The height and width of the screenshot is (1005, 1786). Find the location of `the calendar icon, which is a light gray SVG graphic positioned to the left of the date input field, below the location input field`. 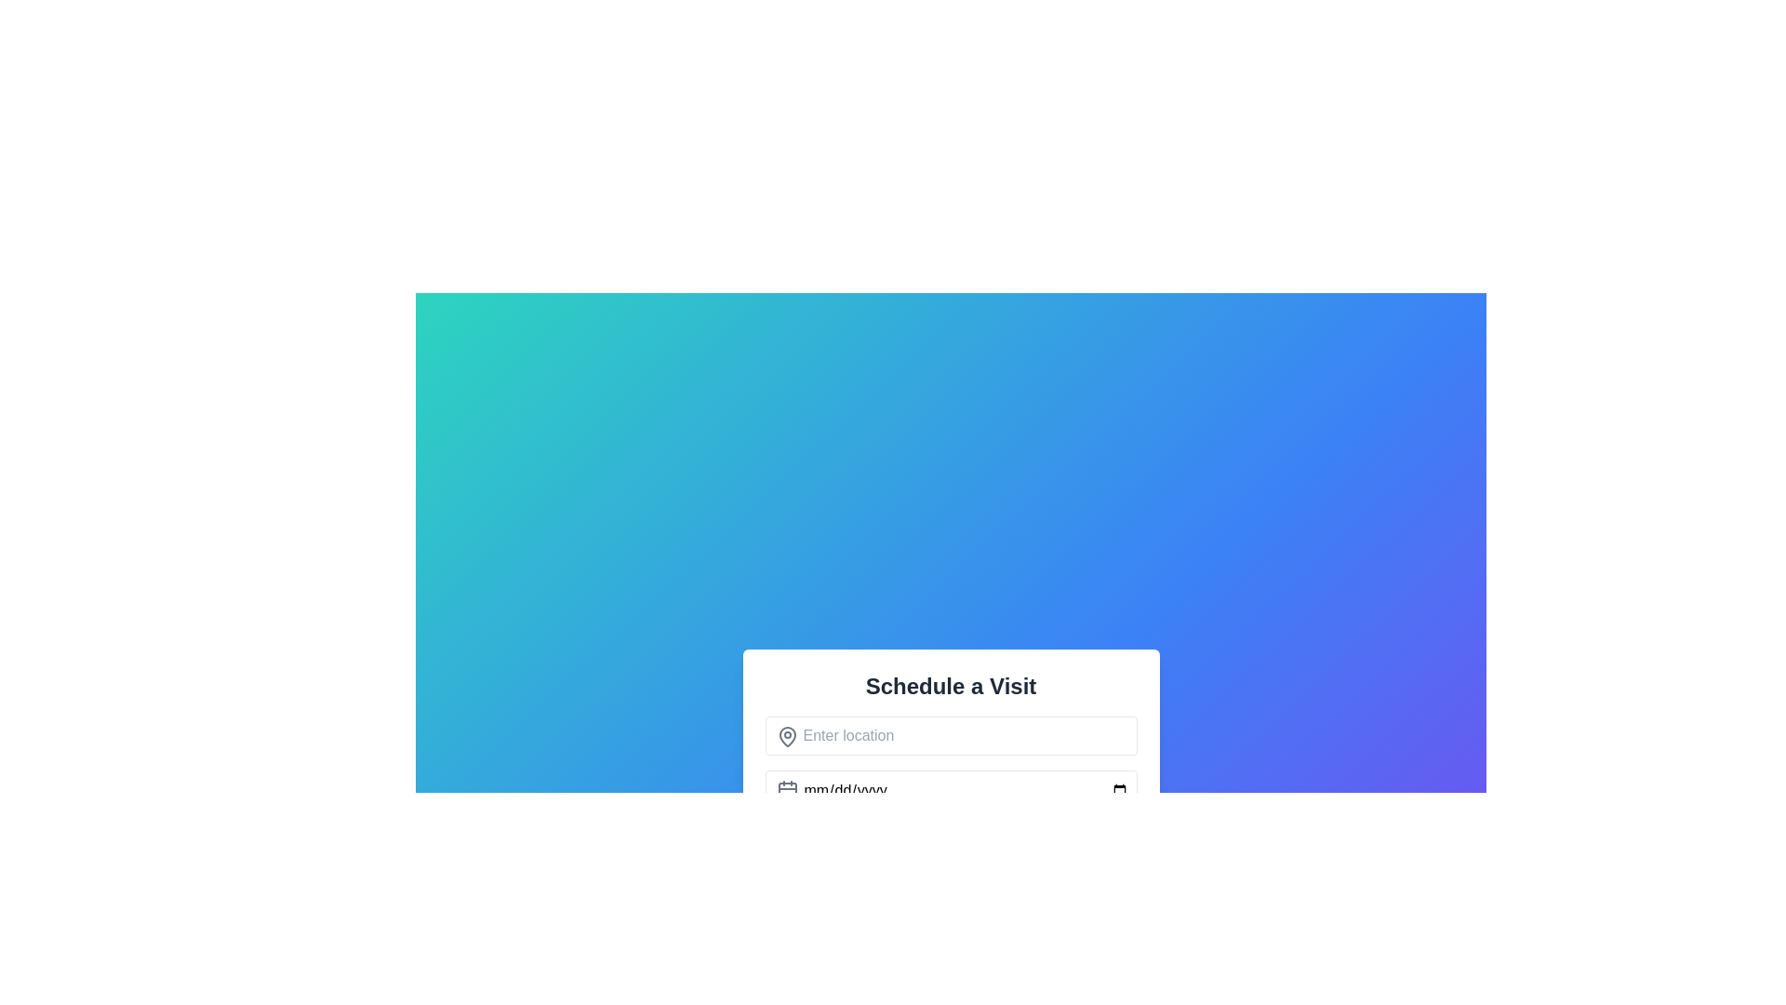

the calendar icon, which is a light gray SVG graphic positioned to the left of the date input field, below the location input field is located at coordinates (787, 790).